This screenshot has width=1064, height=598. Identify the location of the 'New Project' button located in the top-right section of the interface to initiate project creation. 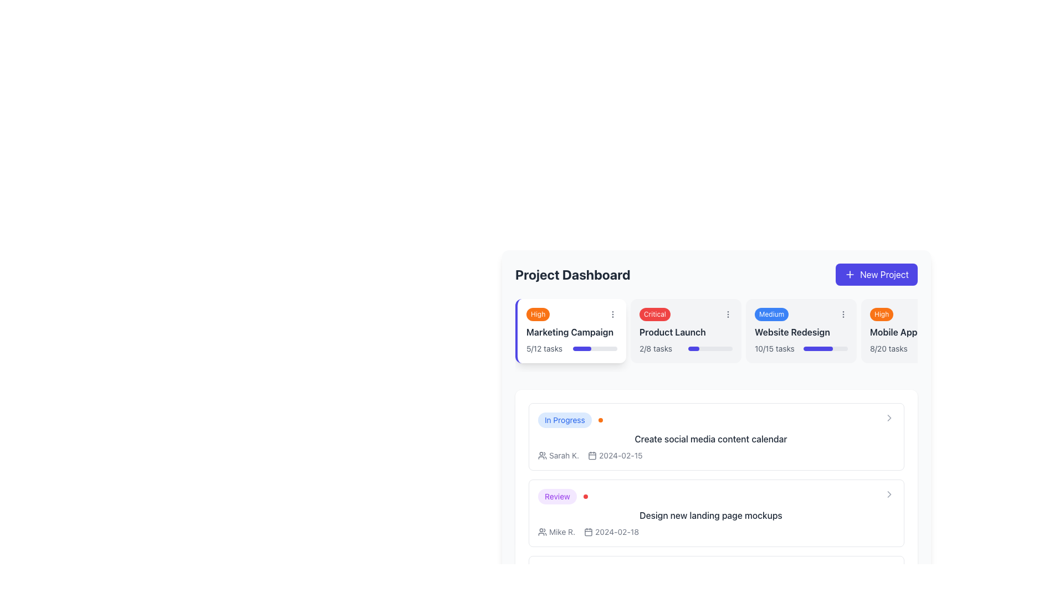
(884, 274).